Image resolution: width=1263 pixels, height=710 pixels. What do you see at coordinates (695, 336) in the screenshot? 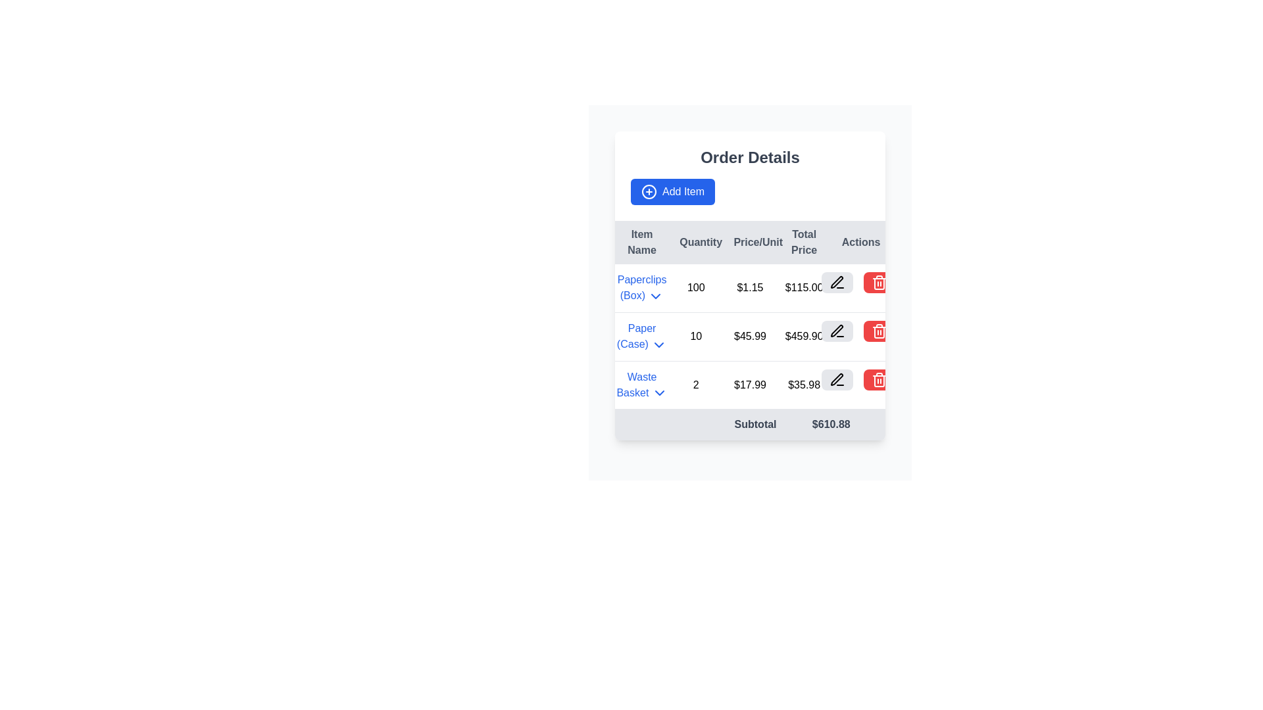
I see `the text element displaying the quantity of 'Paper (Case)' in the second row under the 'Quantity' column` at bounding box center [695, 336].